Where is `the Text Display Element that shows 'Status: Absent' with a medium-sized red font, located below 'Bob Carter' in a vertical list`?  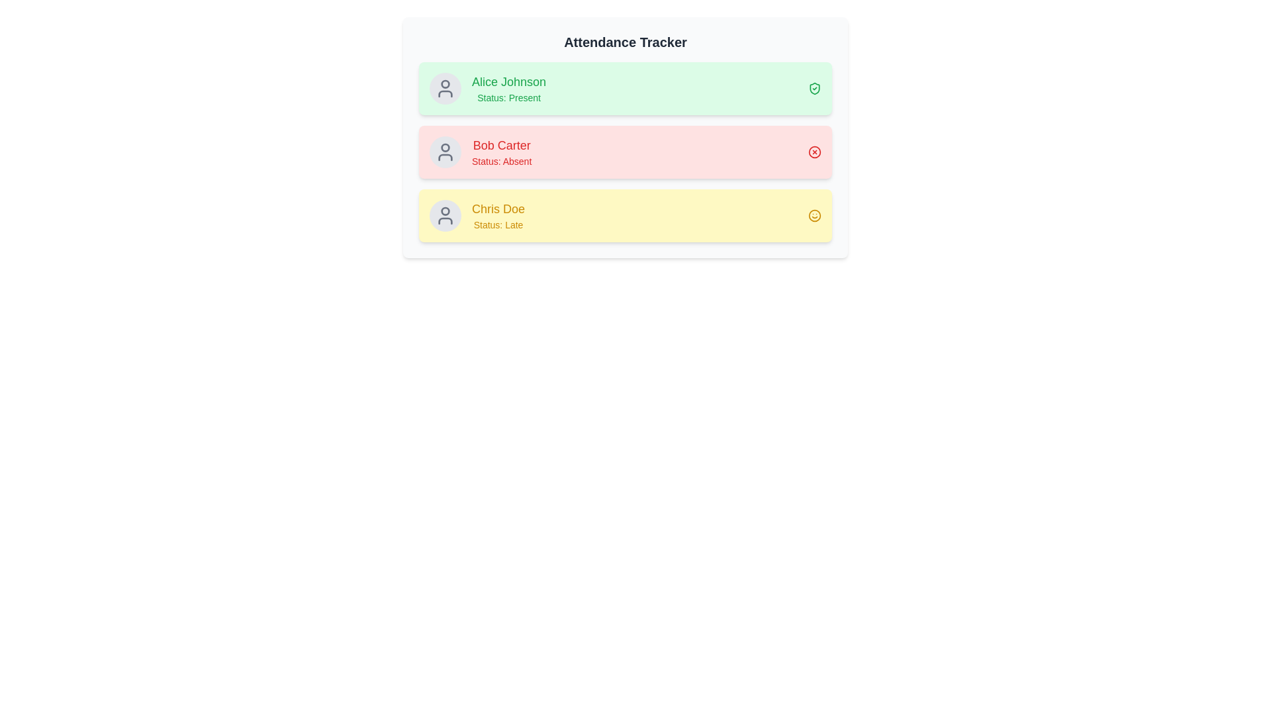
the Text Display Element that shows 'Status: Absent' with a medium-sized red font, located below 'Bob Carter' in a vertical list is located at coordinates (501, 160).